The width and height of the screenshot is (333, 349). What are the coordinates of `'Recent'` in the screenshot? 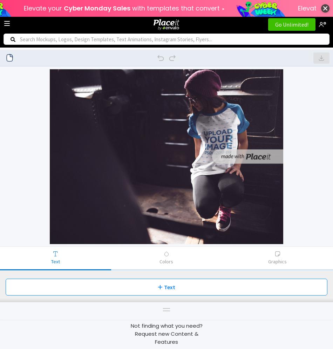 It's located at (217, 179).